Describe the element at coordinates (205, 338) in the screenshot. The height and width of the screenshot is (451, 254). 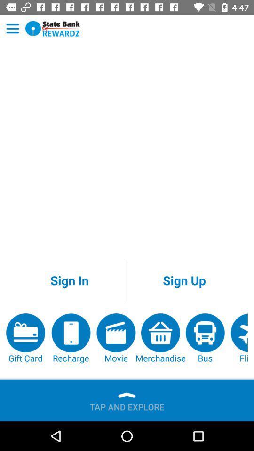
I see `app to the left of flight app` at that location.